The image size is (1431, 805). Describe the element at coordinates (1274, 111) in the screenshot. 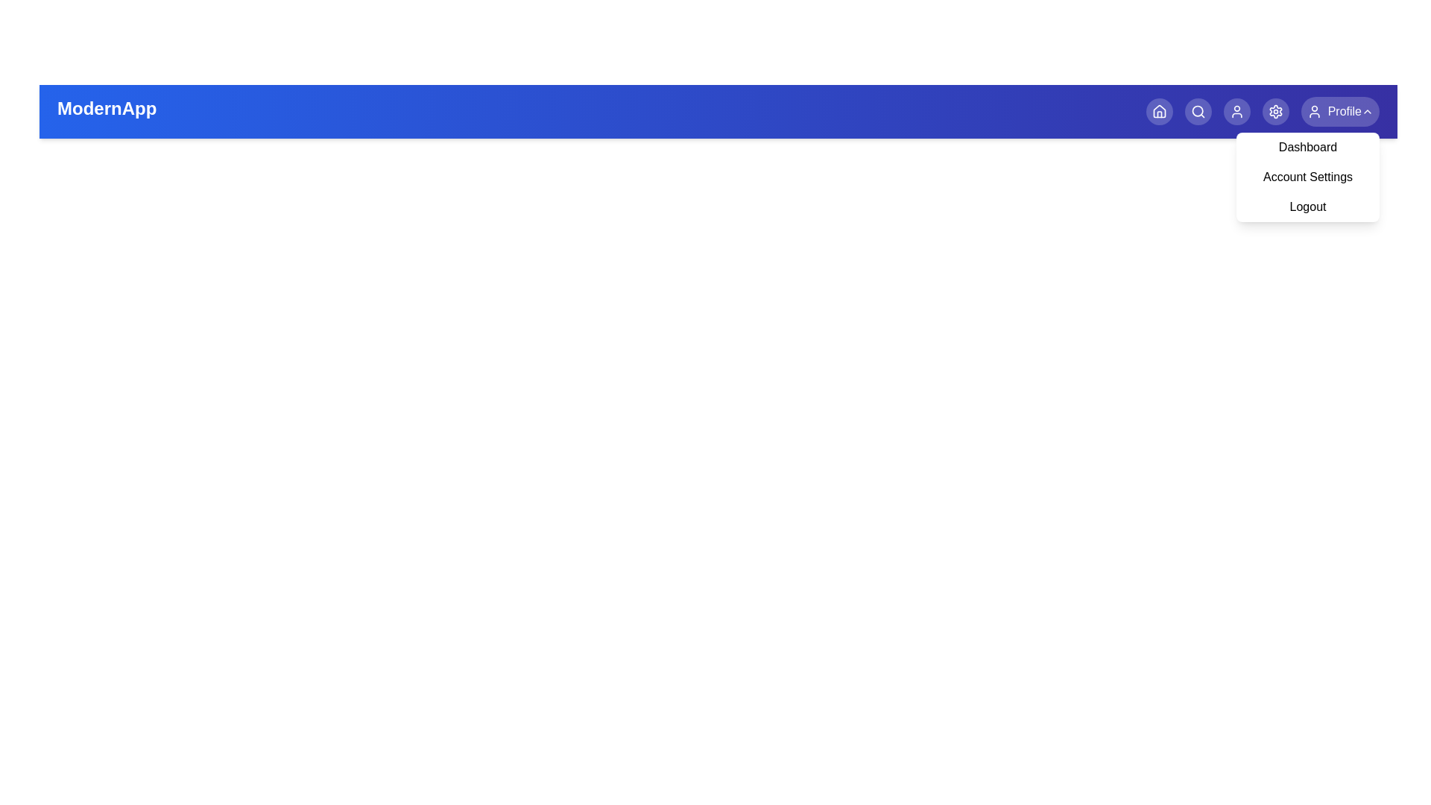

I see `the icon button corresponding to Settings` at that location.